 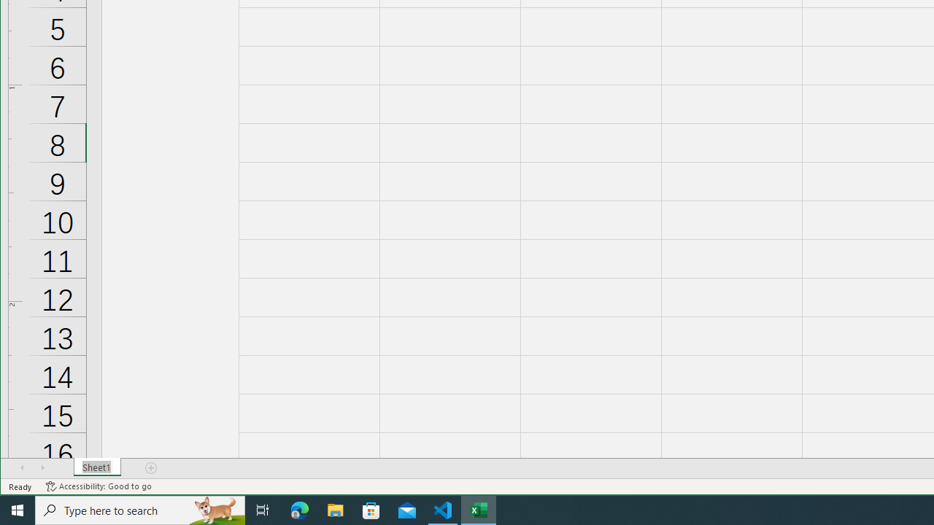 What do you see at coordinates (22, 467) in the screenshot?
I see `'Scroll Left'` at bounding box center [22, 467].